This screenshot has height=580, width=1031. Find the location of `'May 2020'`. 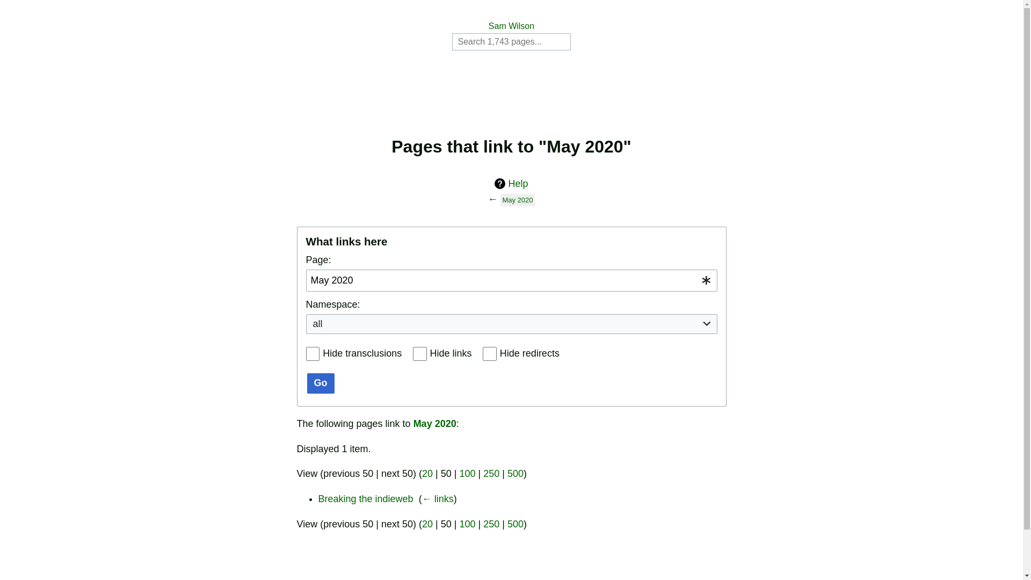

'May 2020' is located at coordinates (435, 423).